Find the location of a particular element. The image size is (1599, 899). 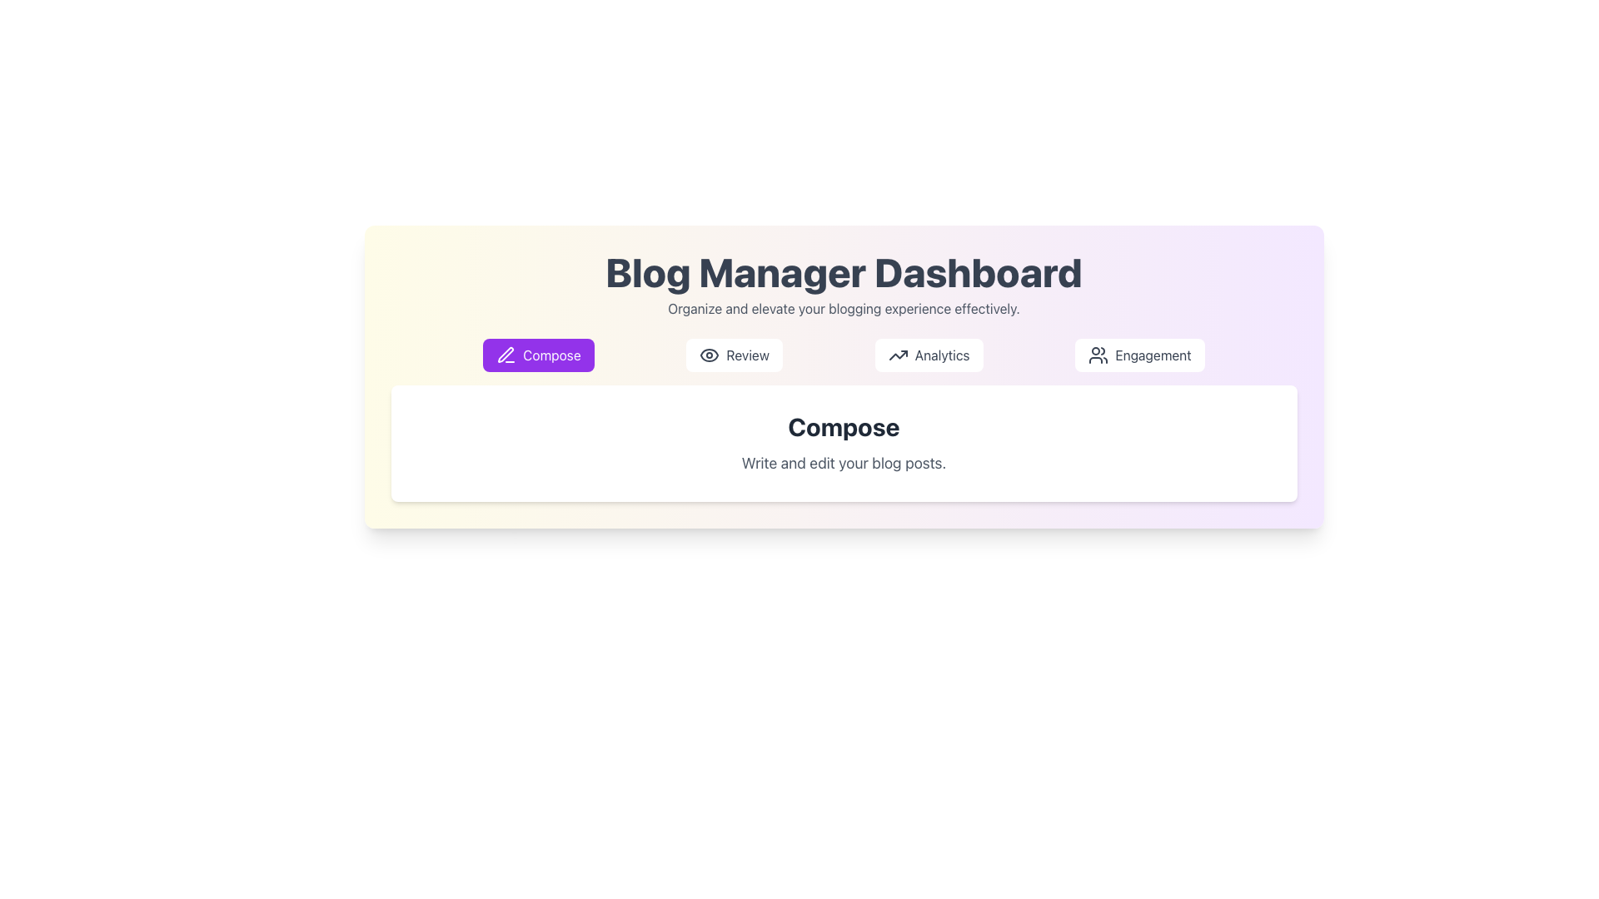

the 'Engagement' navigation label, which is located on the far right of the navigation bar and is associated with a user-group icon is located at coordinates (1153, 355).